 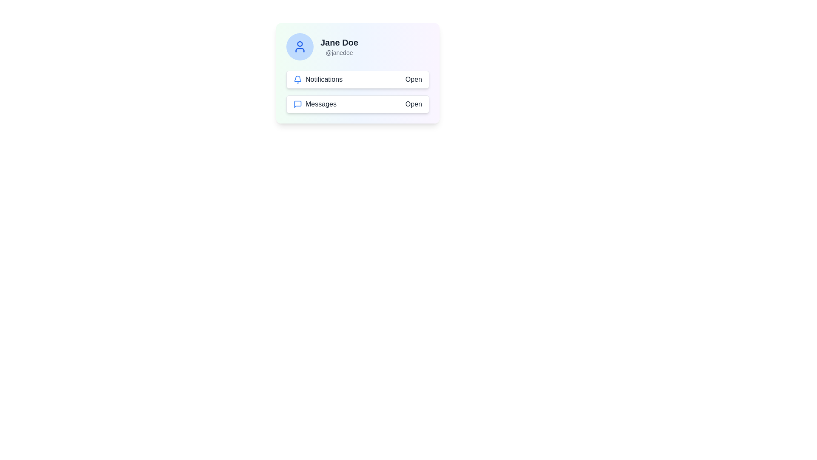 I want to click on the username text label indicating the user handle associated with the profile, so click(x=339, y=52).